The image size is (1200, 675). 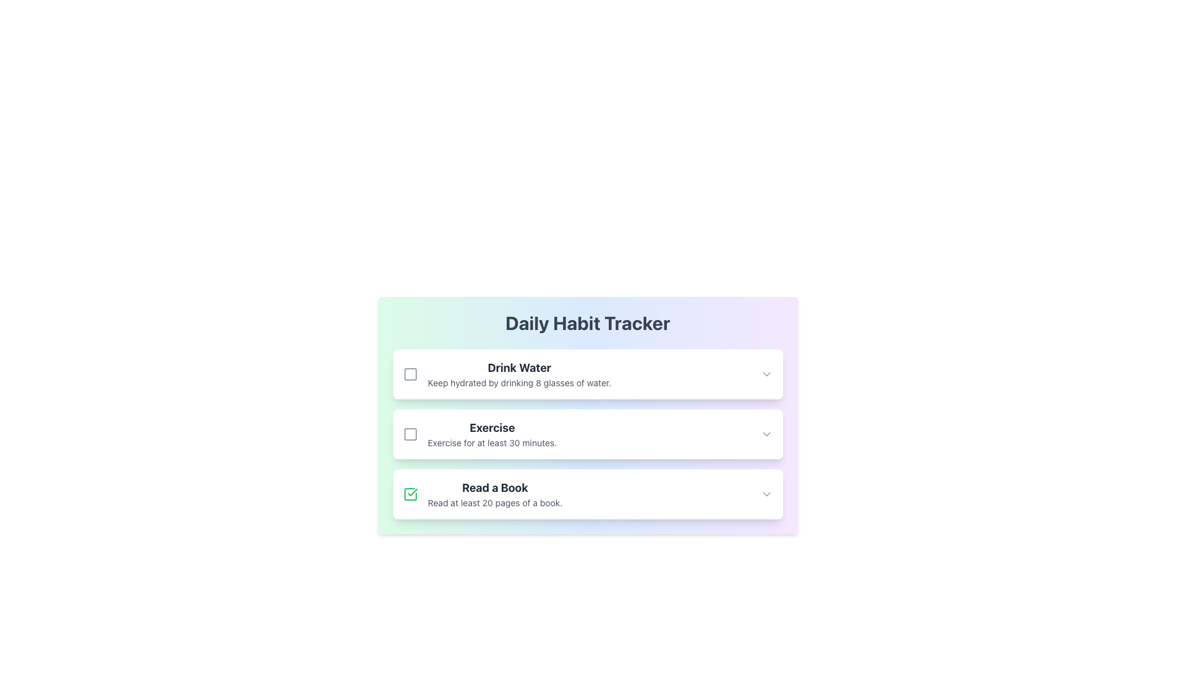 What do you see at coordinates (410, 373) in the screenshot?
I see `the state indicator icon located to the left of the 'Drink Water' title text` at bounding box center [410, 373].